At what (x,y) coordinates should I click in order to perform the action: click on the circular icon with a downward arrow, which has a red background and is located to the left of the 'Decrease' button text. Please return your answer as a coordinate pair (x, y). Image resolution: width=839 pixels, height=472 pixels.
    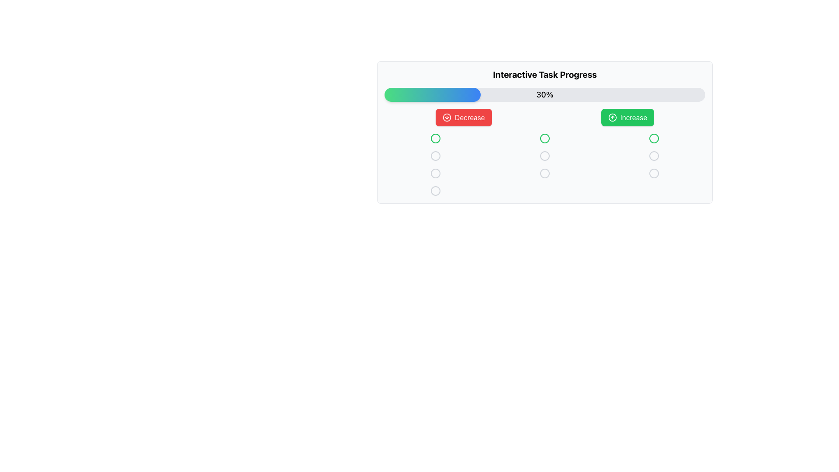
    Looking at the image, I should click on (447, 117).